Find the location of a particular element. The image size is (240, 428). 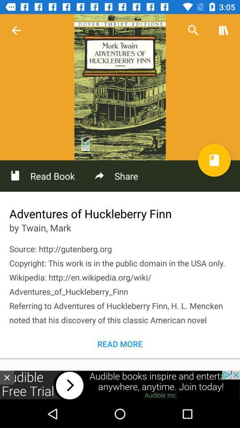

the bookmark icon is located at coordinates (214, 160).